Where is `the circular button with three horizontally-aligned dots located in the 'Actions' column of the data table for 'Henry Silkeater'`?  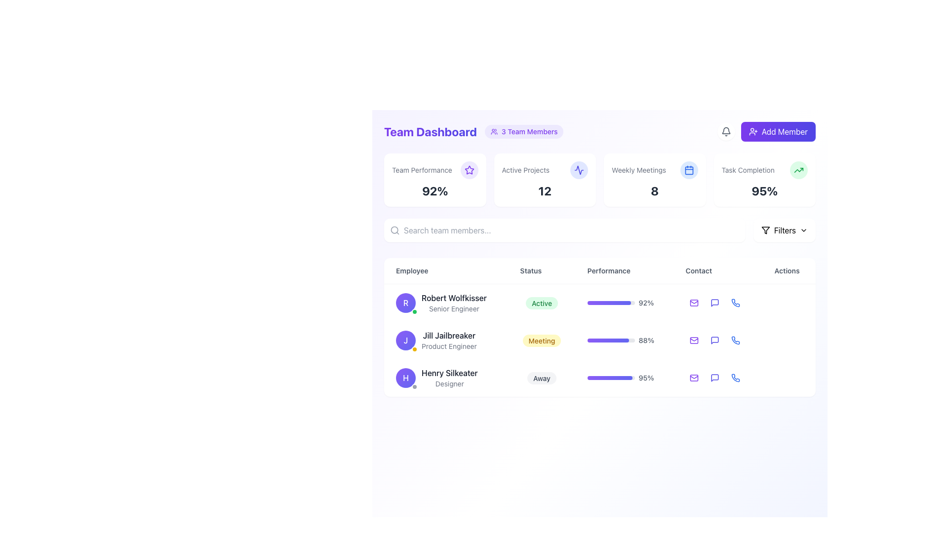 the circular button with three horizontally-aligned dots located in the 'Actions' column of the data table for 'Henry Silkeater' is located at coordinates (789, 378).